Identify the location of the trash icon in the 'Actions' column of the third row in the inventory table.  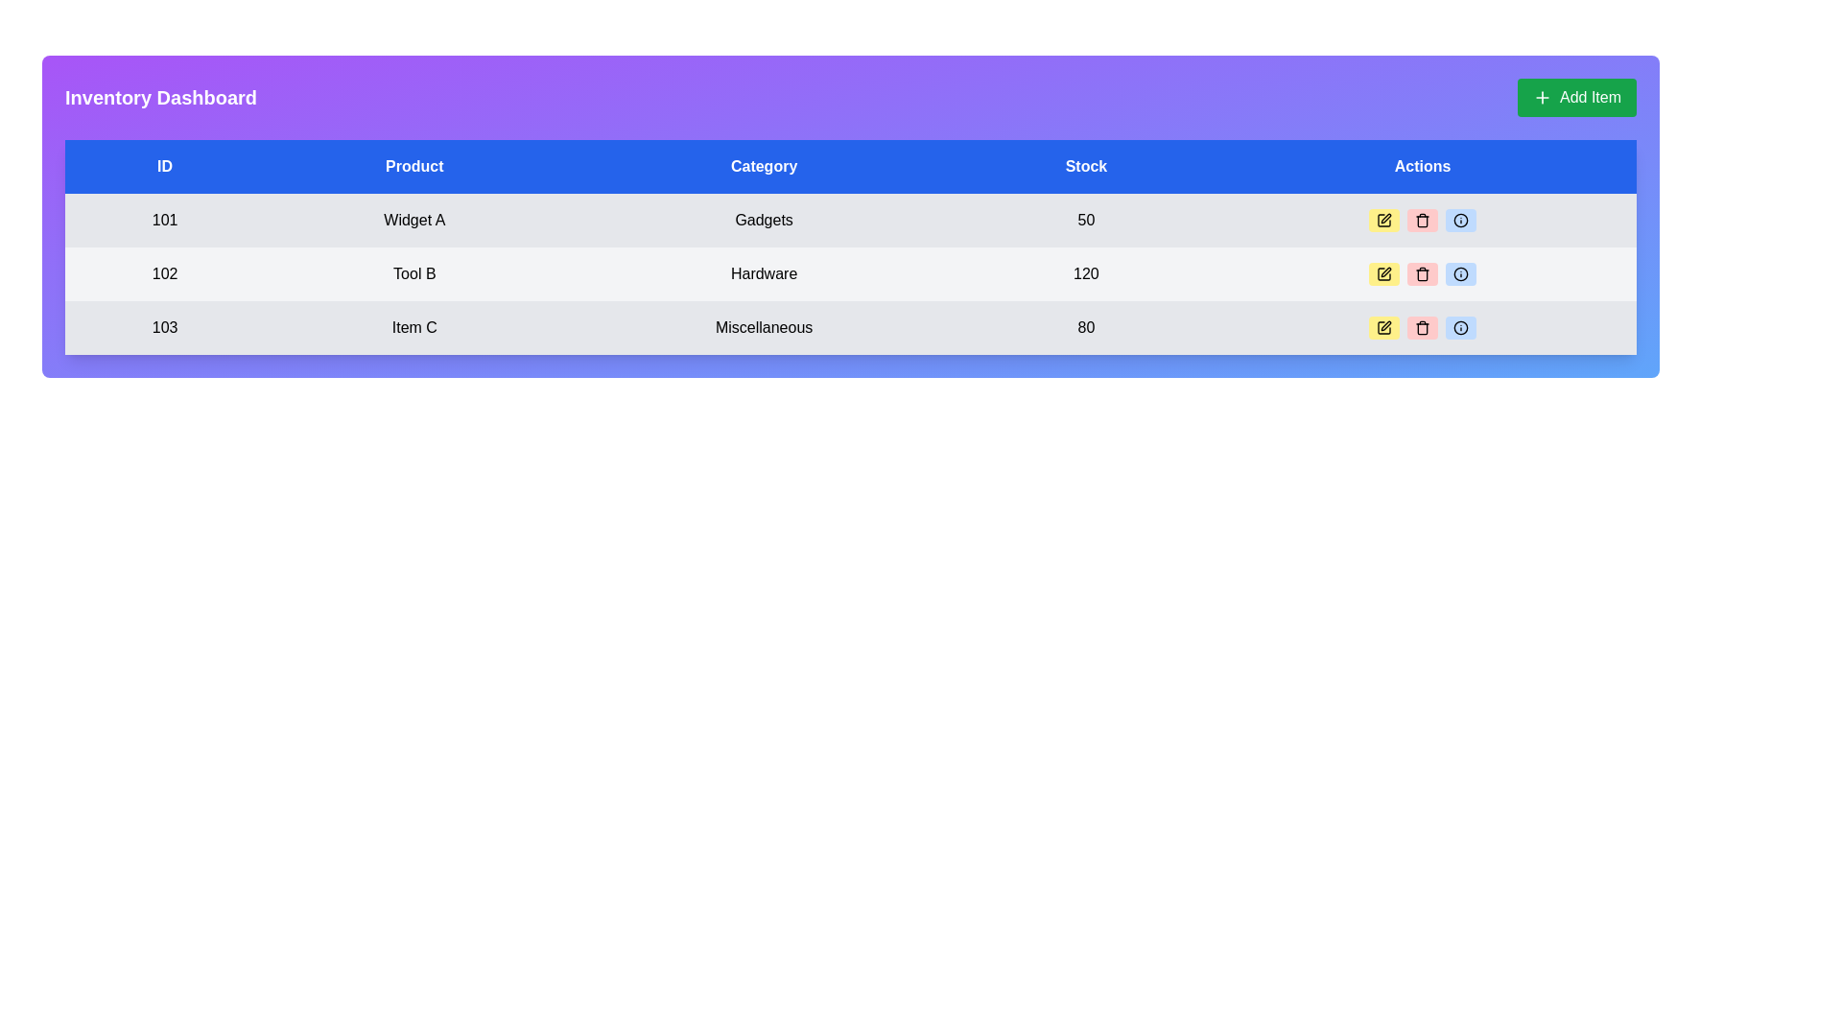
(1423, 327).